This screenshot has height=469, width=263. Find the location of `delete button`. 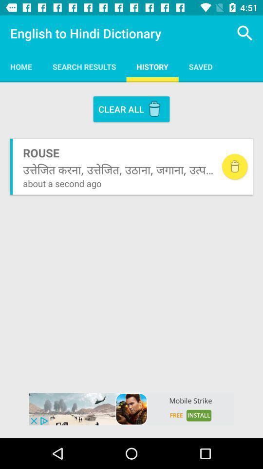

delete button is located at coordinates (234, 167).